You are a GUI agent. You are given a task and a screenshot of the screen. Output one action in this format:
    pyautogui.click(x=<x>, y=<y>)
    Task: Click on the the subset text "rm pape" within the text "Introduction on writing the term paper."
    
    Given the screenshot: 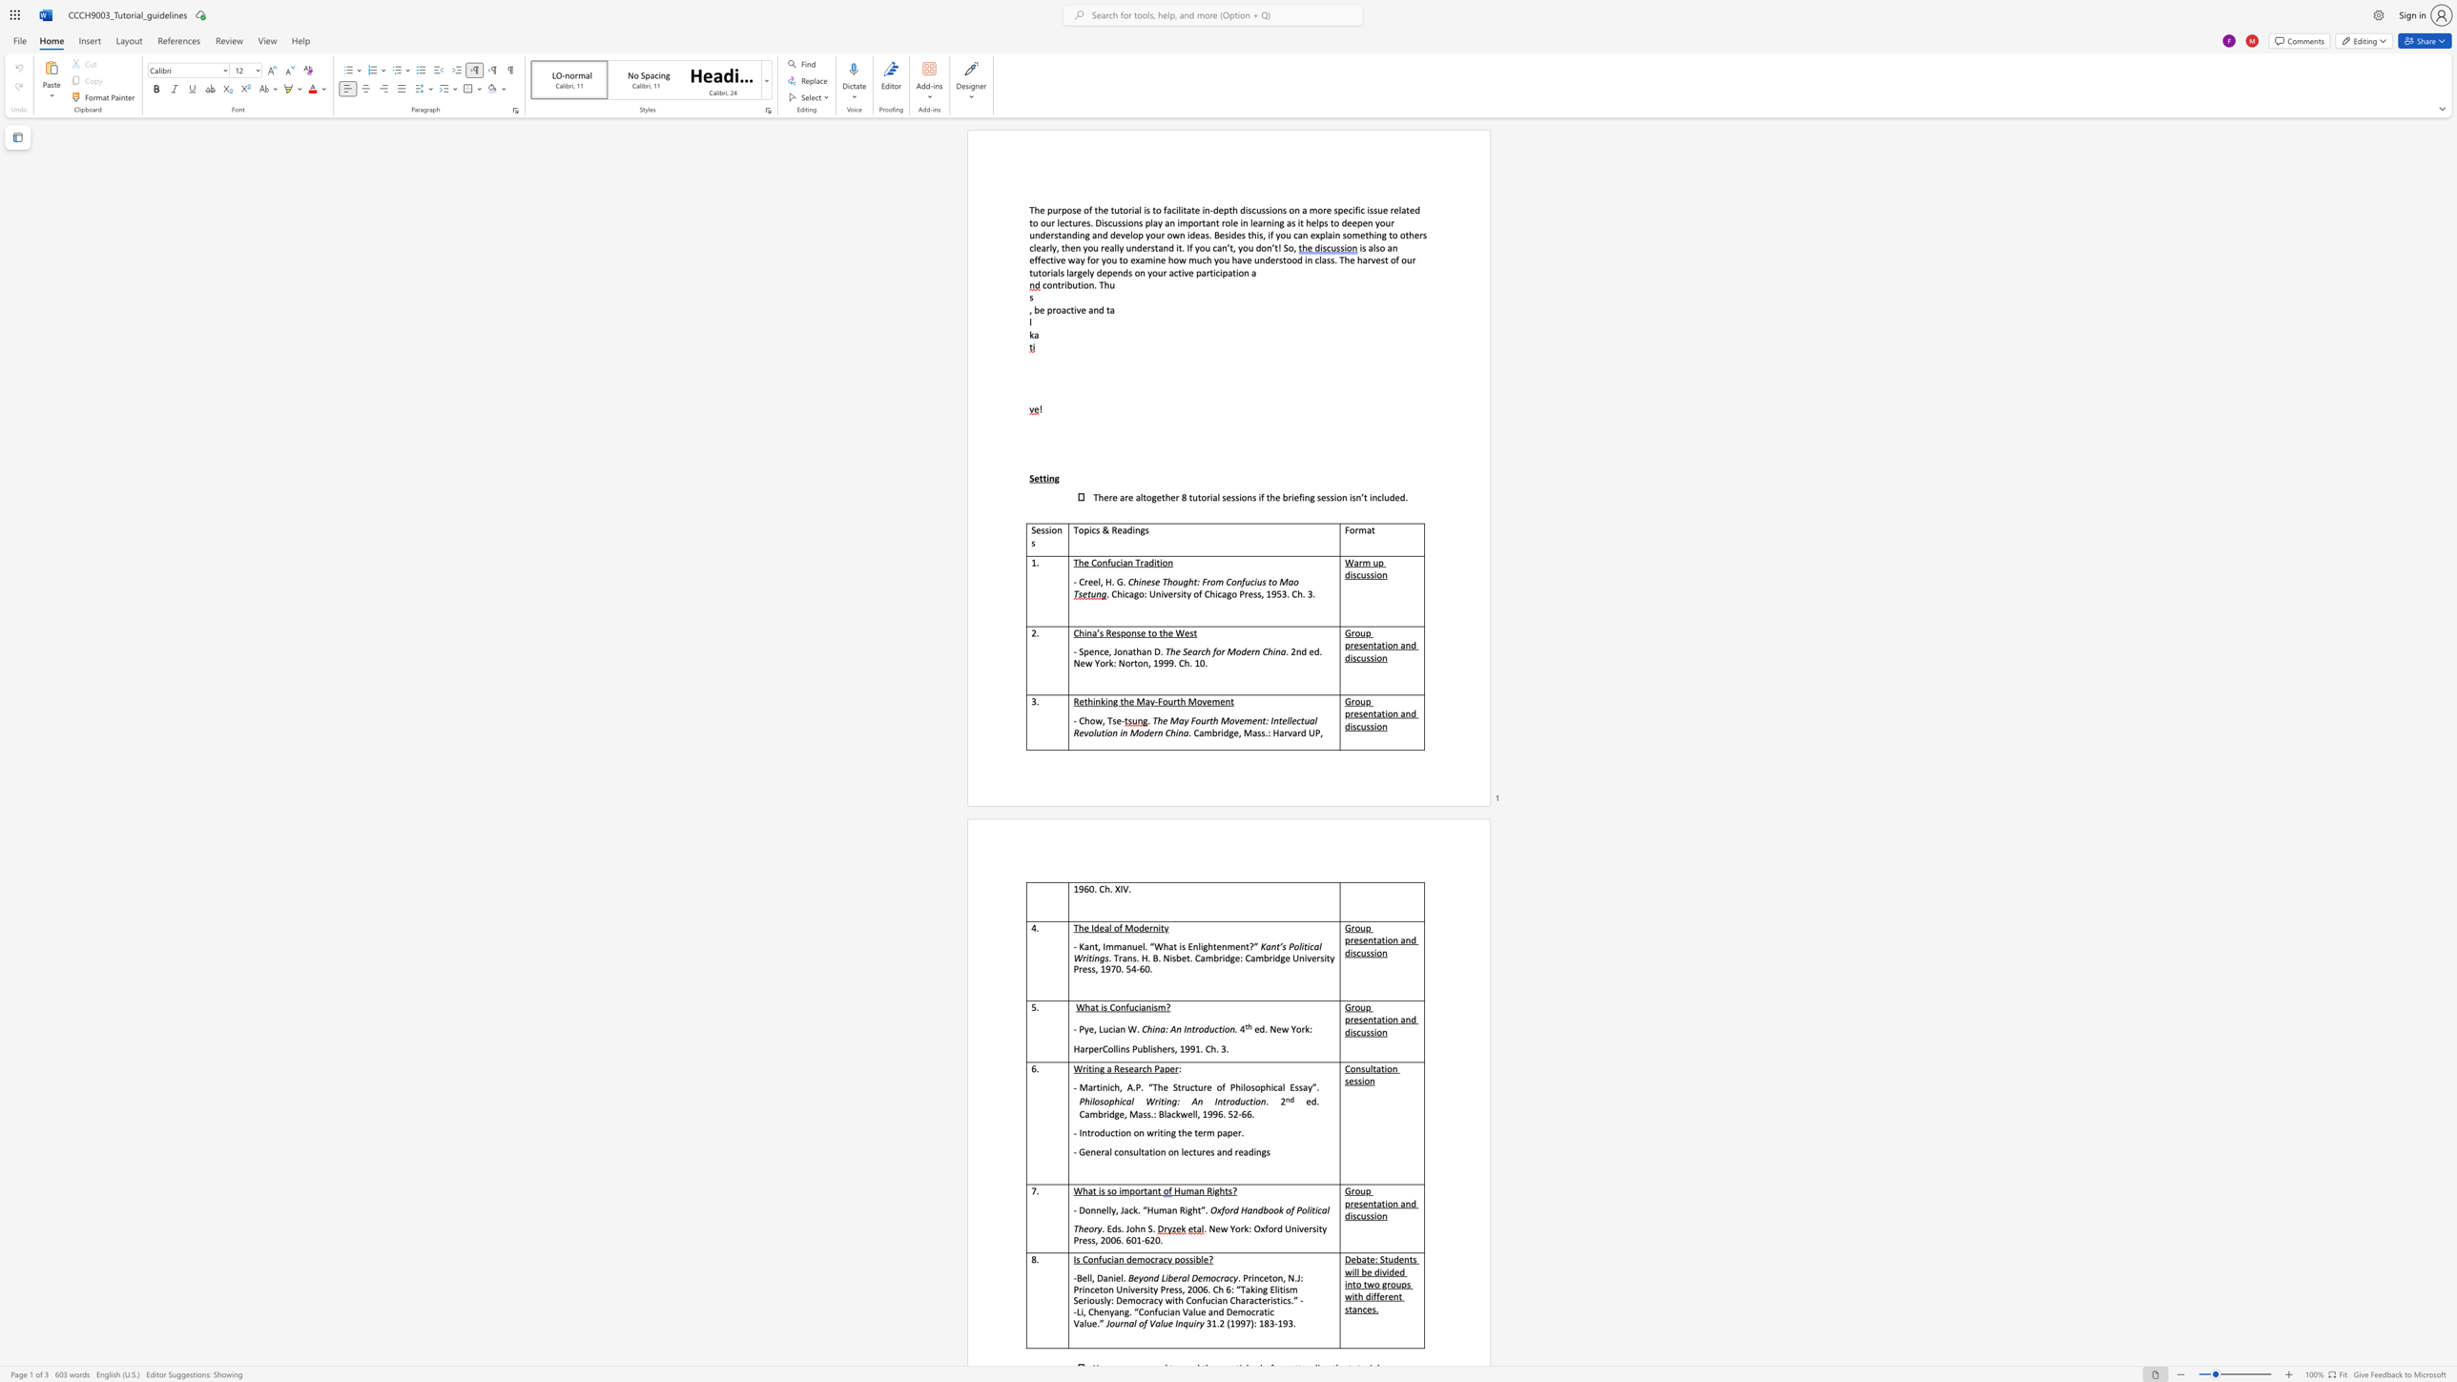 What is the action you would take?
    pyautogui.click(x=1202, y=1131)
    